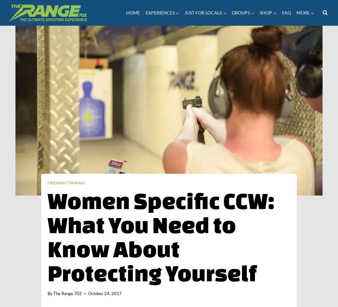  I want to click on 'Experiences', so click(145, 12).